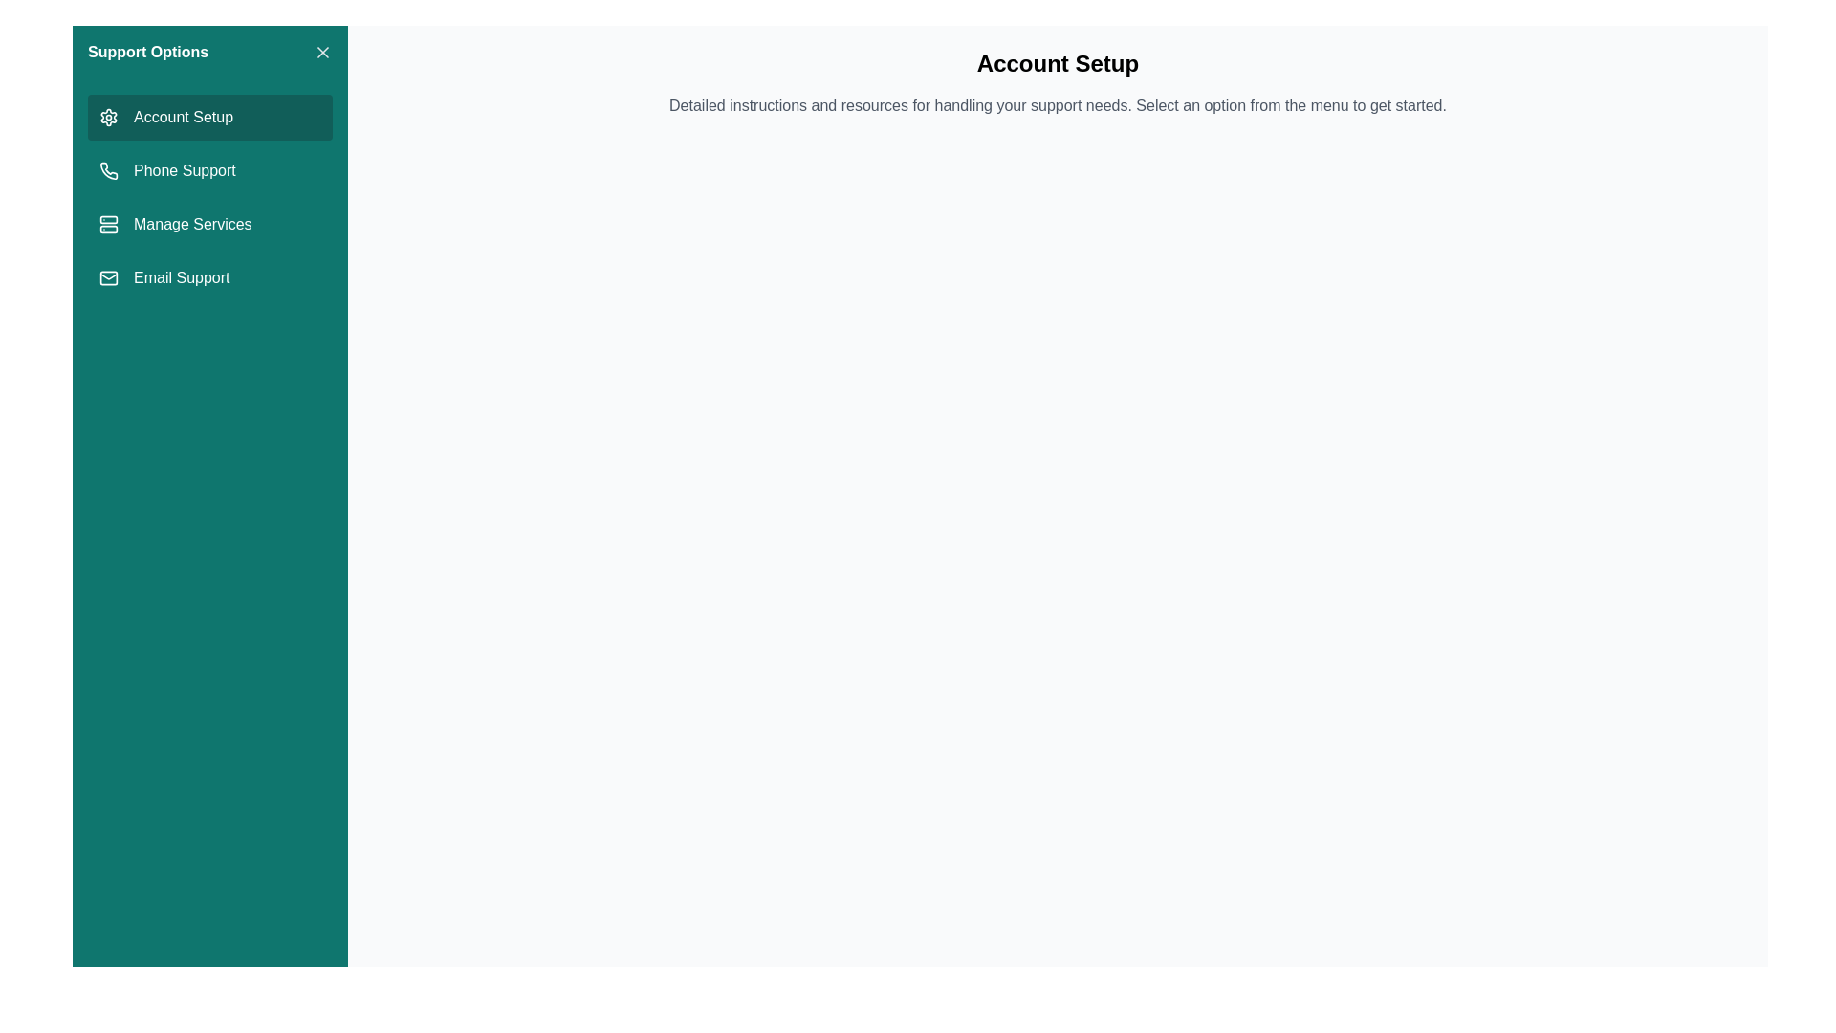 The width and height of the screenshot is (1836, 1033). I want to click on the 'Email Support' button in the left sidebar, so click(210, 277).